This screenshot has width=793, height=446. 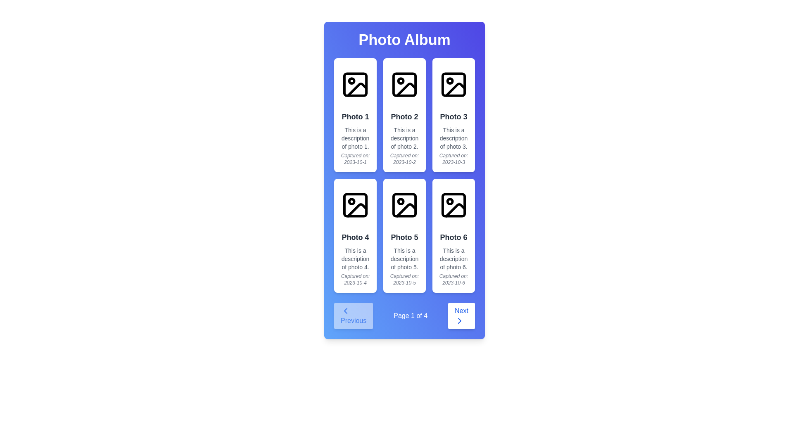 What do you see at coordinates (355, 84) in the screenshot?
I see `the square with rounded corners that is part of the image placeholder icon located in the top-left of the grid item labeled 'Photo 1'` at bounding box center [355, 84].